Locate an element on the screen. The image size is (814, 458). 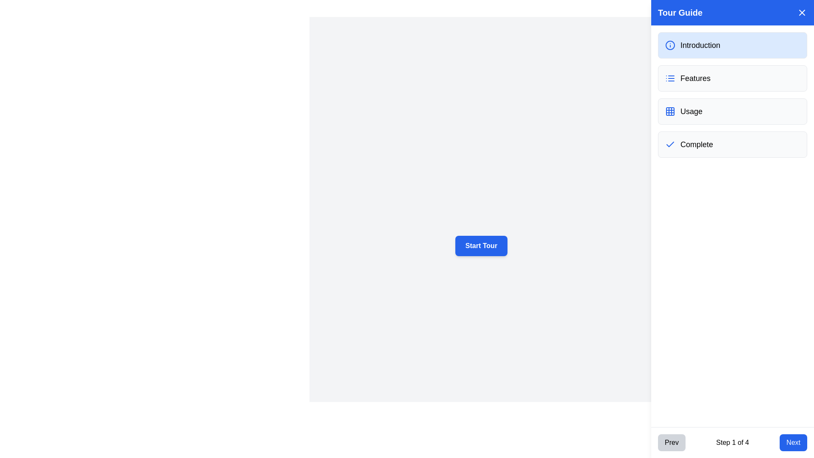
the settings icon located at the top-left cell of the 3x3 grid in the sidebar titled 'Tour Guide' is located at coordinates (669, 111).